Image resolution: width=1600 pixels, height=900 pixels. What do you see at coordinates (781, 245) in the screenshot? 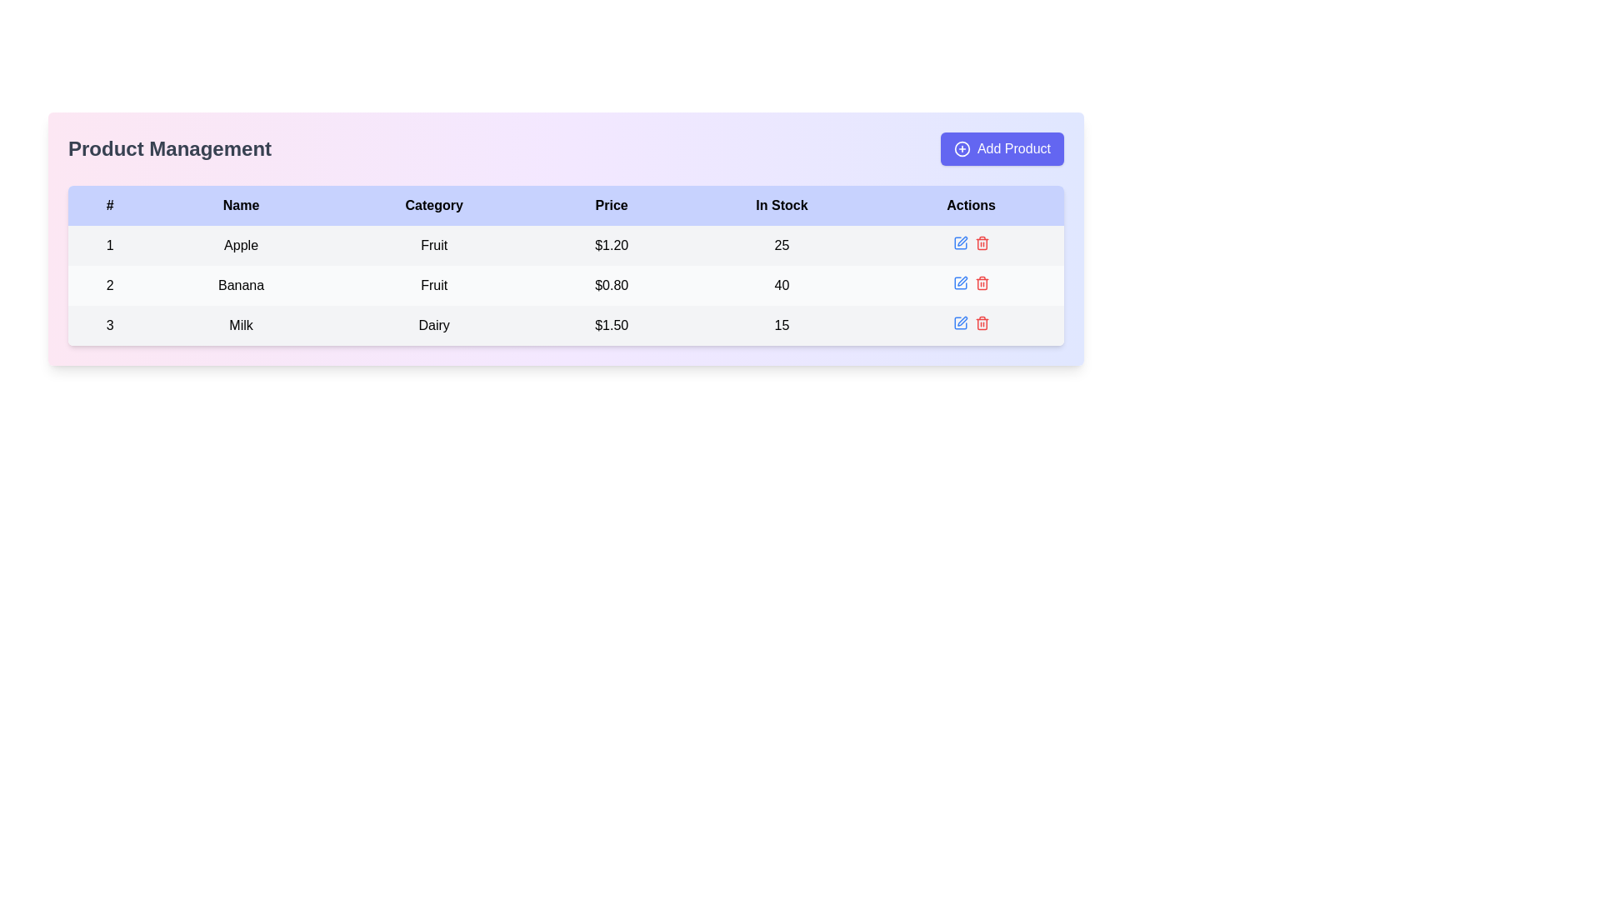
I see `the Text Label displaying the stock quantity of 'Apple' in the first row of the table under 'In Stock'` at bounding box center [781, 245].